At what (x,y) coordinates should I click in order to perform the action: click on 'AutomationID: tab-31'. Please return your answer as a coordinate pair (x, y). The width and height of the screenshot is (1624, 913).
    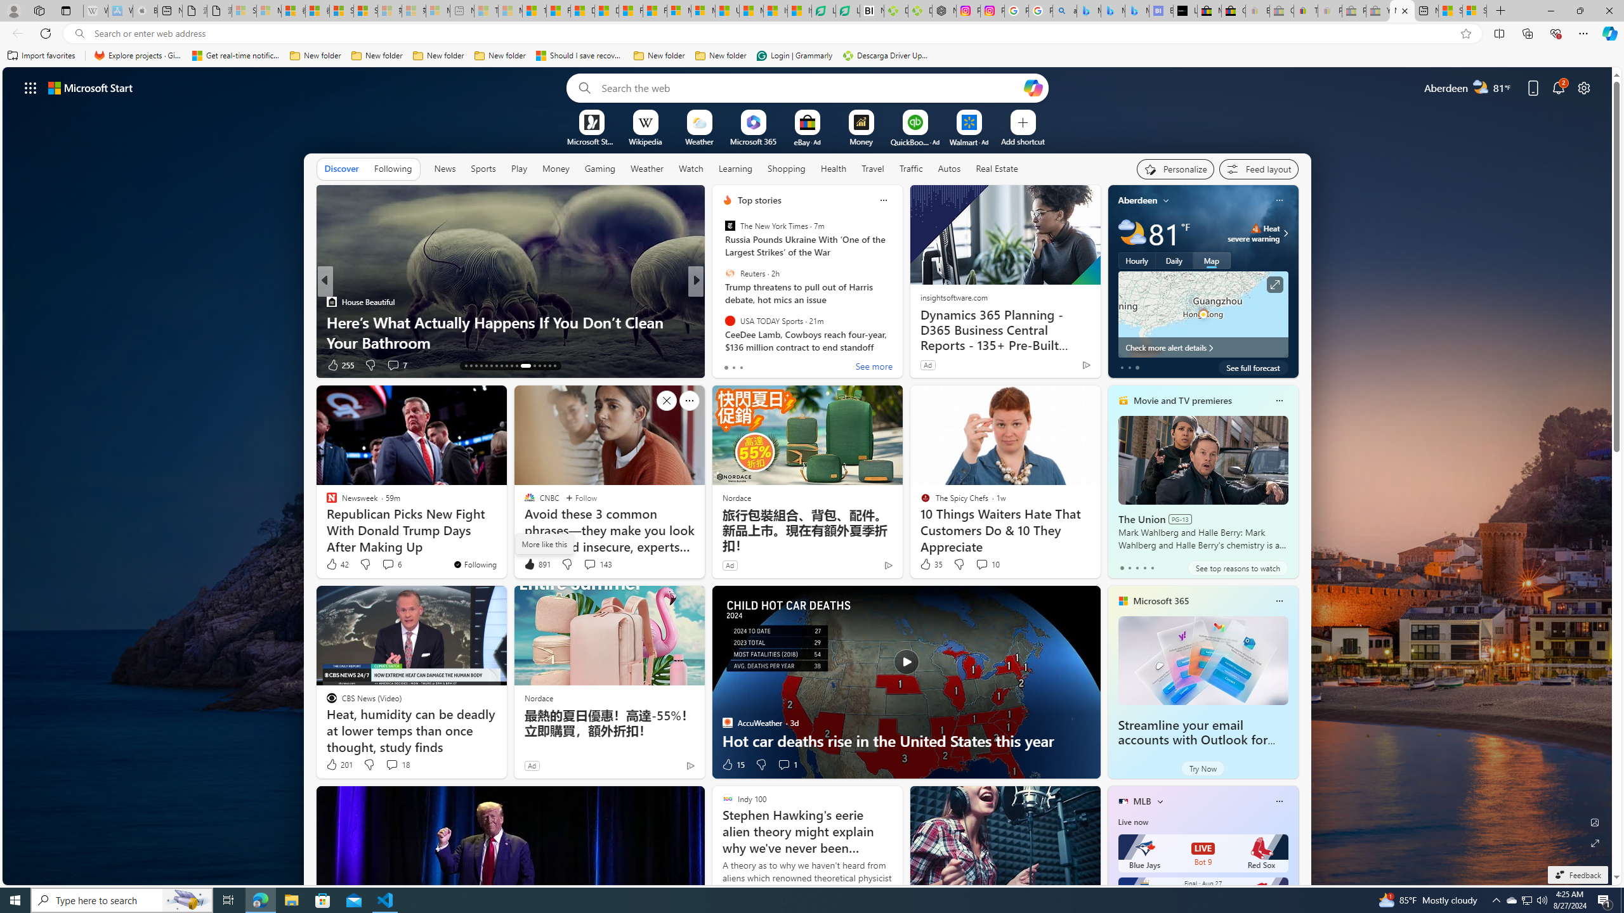
    Looking at the image, I should click on (544, 366).